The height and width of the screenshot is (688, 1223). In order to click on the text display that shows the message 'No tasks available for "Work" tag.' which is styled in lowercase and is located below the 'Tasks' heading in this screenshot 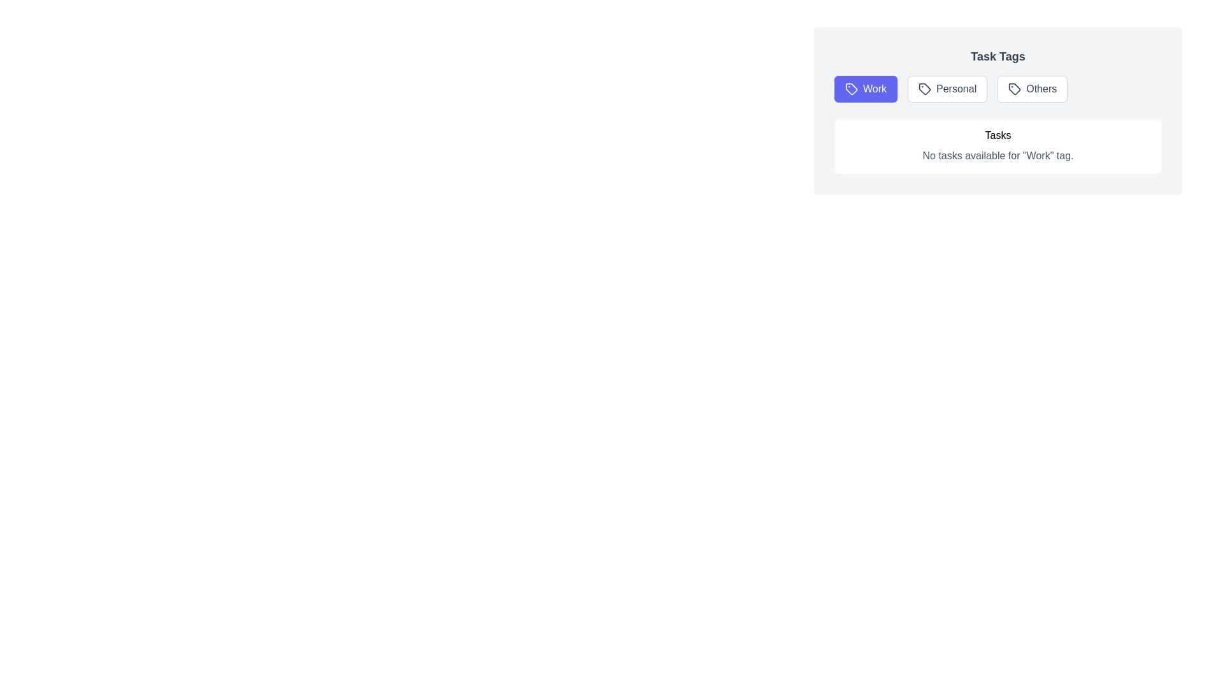, I will do `click(997, 155)`.